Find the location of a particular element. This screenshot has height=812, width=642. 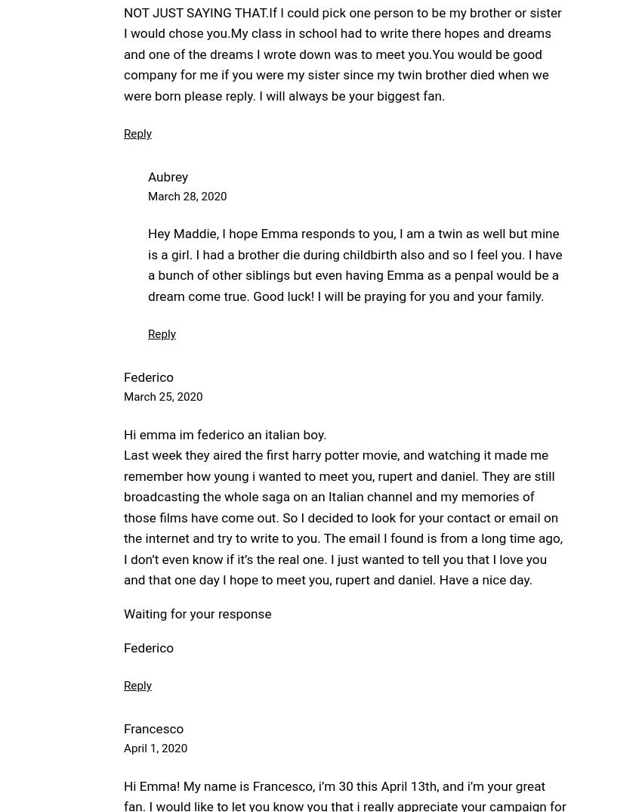

'March 28, 2020' is located at coordinates (187, 196).